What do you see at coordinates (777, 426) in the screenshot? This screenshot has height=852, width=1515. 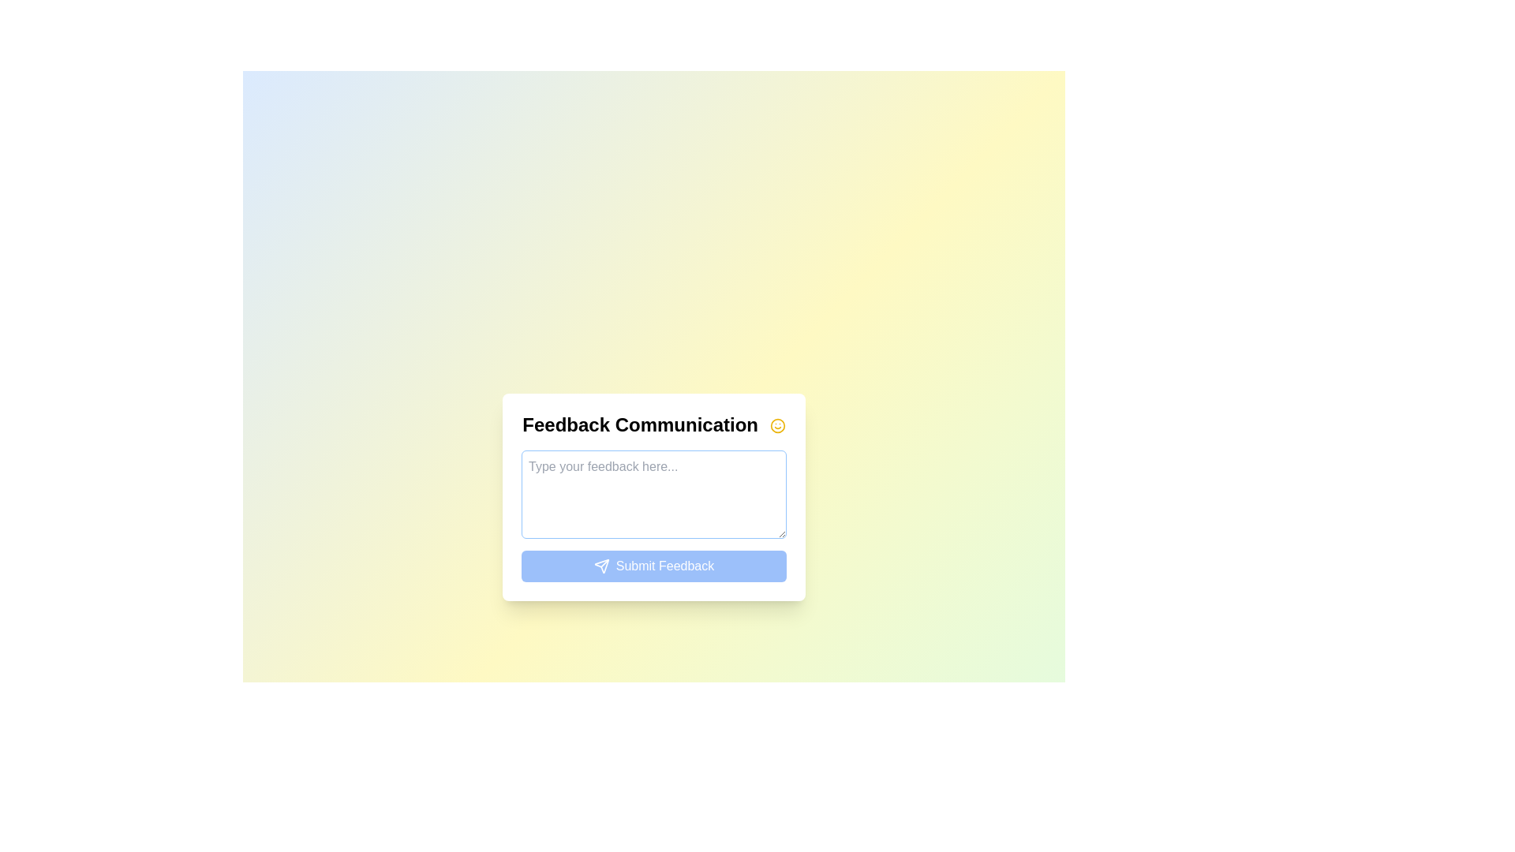 I see `the yellow circular smiley face icon located to the right of the 'Feedback Communication' title text` at bounding box center [777, 426].